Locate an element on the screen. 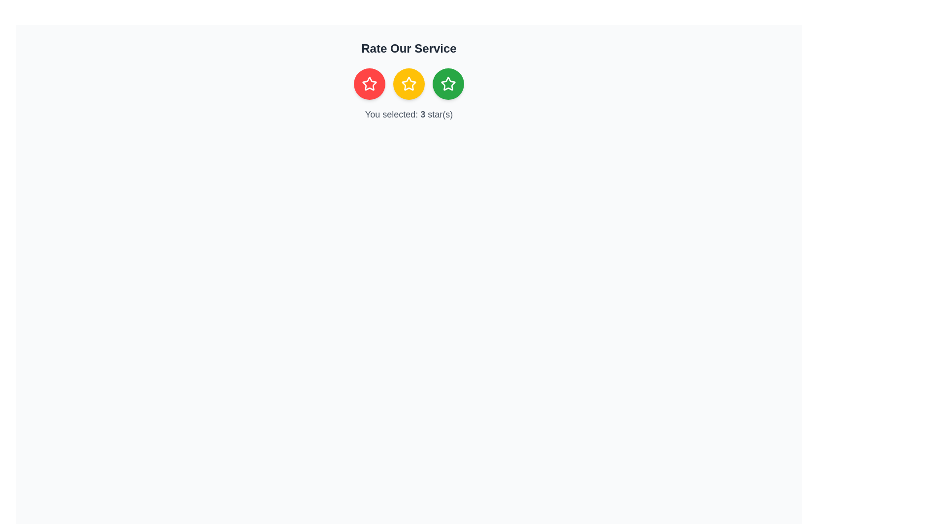  the star-shaped icon with a yellow fill and a white stroke, located at the center of the yellow circular button is located at coordinates (409, 83).